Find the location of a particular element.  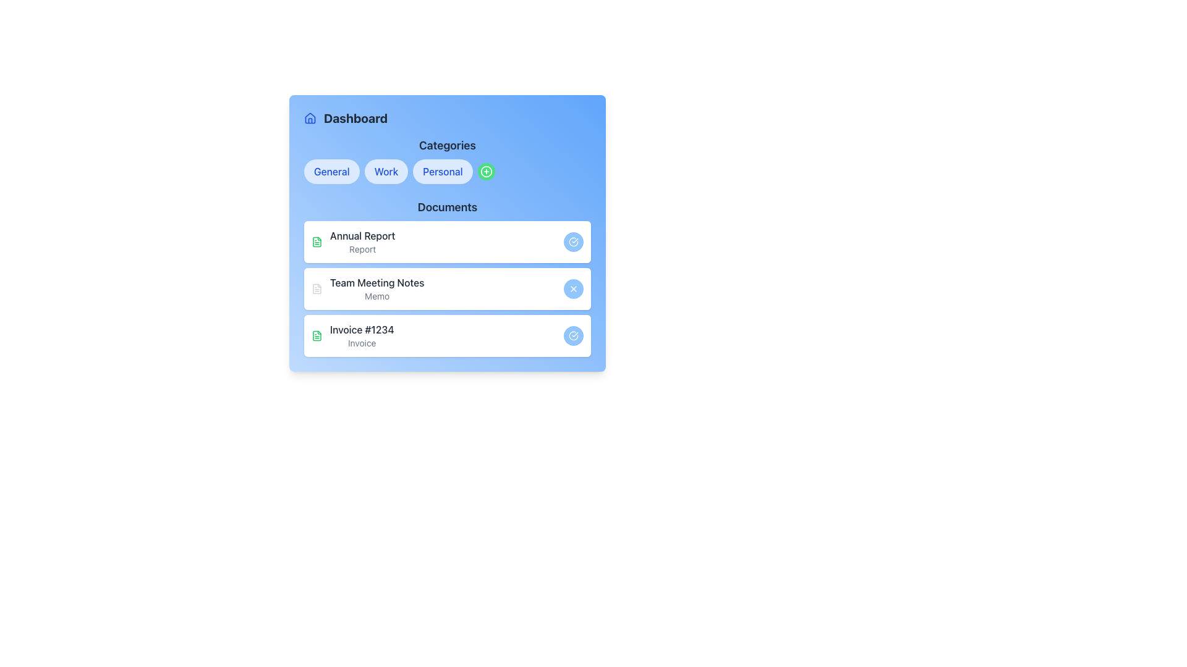

the confirmation icon representing the 'Personal' category located within the 'Categories' section is located at coordinates (572, 335).